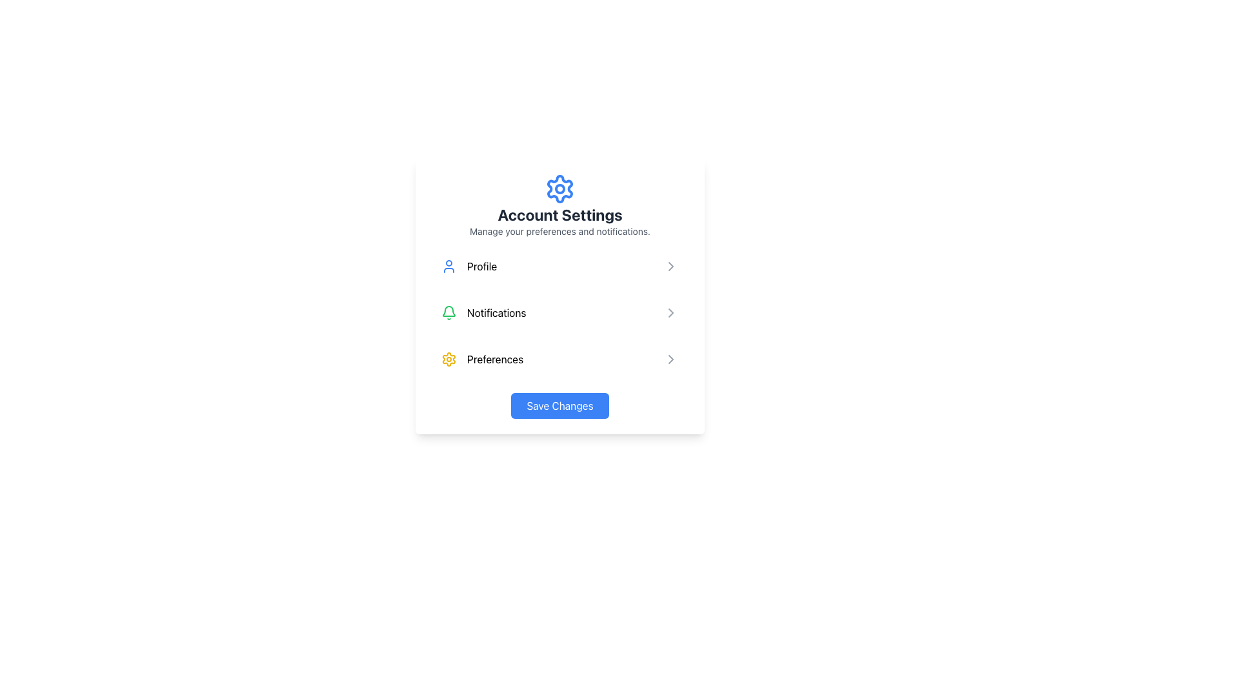  I want to click on the rightward-pointing chevron arrow icon indicating navigation or expansion within the 'Preferences' list item, so click(671, 359).